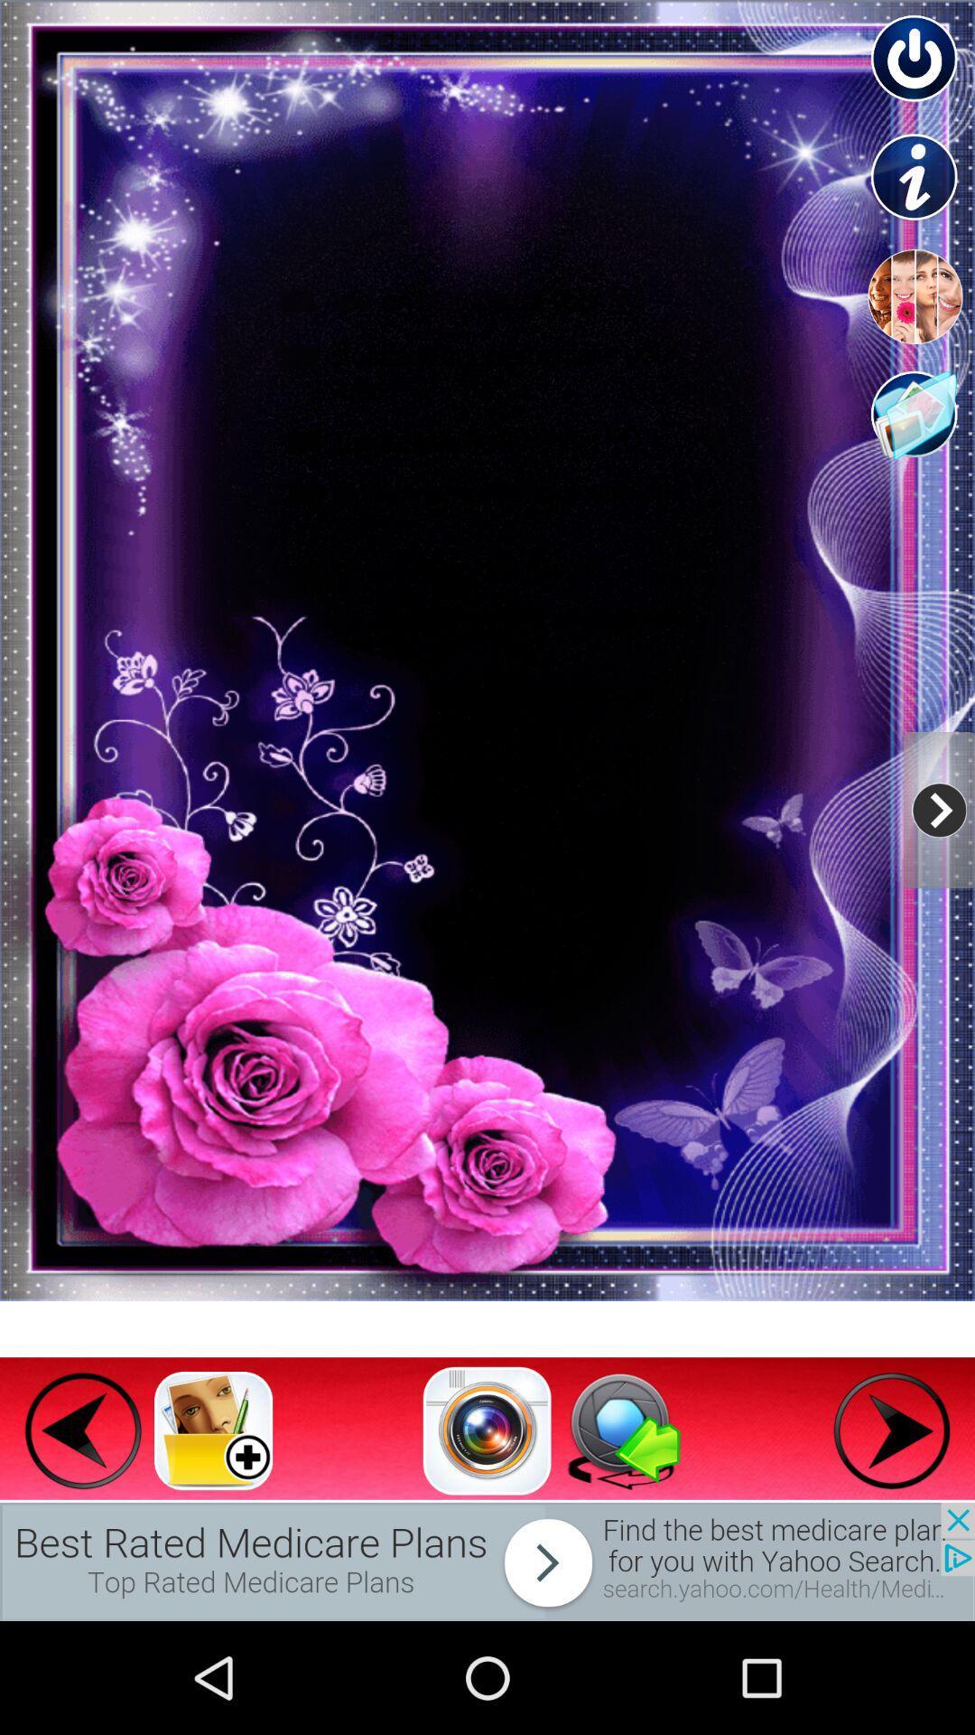 Image resolution: width=975 pixels, height=1735 pixels. Describe the element at coordinates (915, 296) in the screenshot. I see `image below information button` at that location.